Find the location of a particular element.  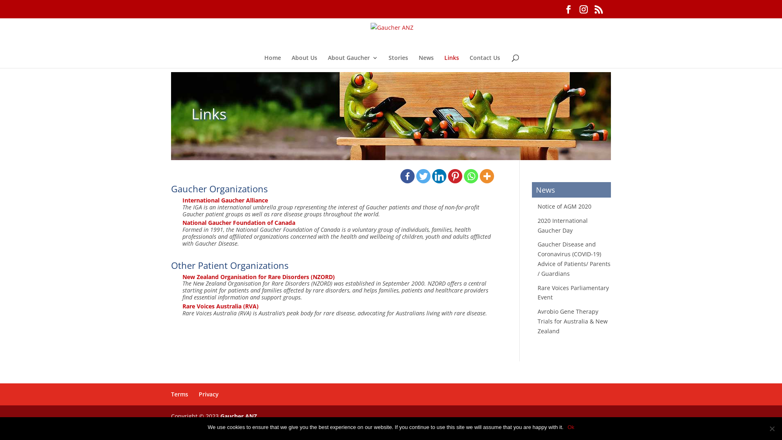

'Terms' is located at coordinates (179, 394).